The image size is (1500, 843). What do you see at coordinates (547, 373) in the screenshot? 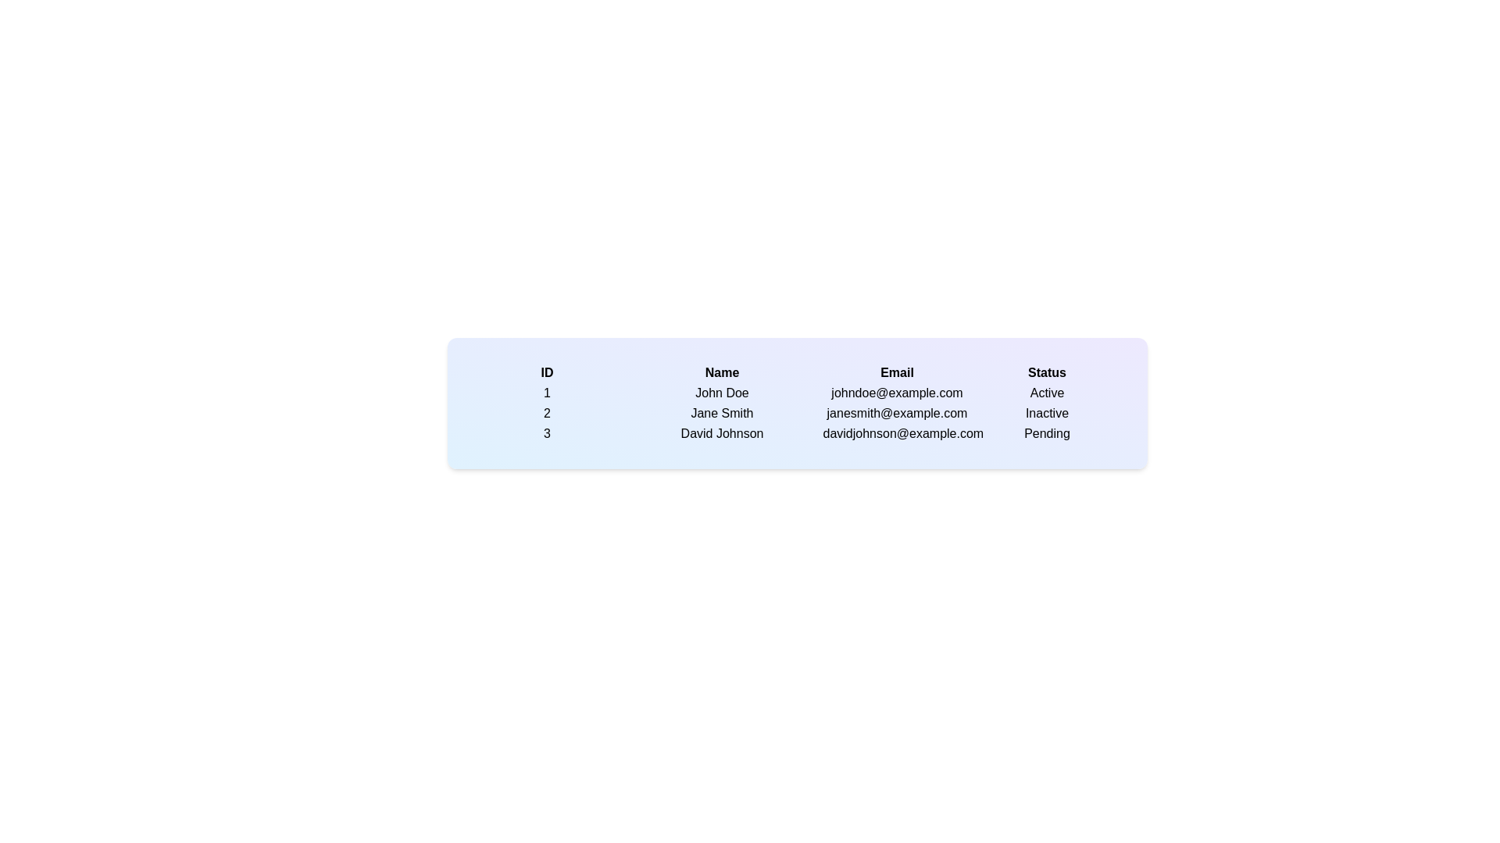
I see `the column header ID to sort or filter the table data` at bounding box center [547, 373].